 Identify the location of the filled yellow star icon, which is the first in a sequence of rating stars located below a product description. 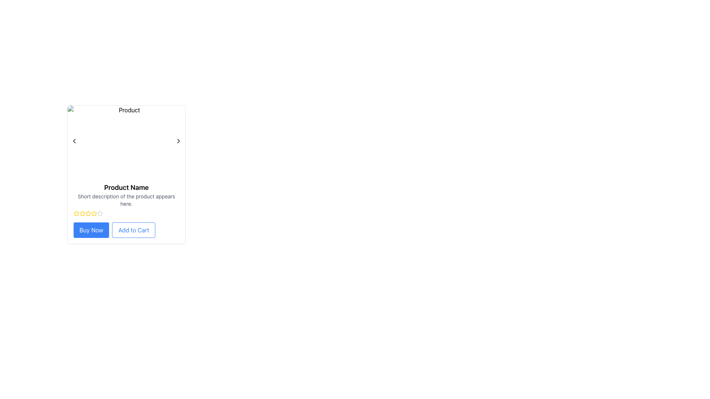
(76, 214).